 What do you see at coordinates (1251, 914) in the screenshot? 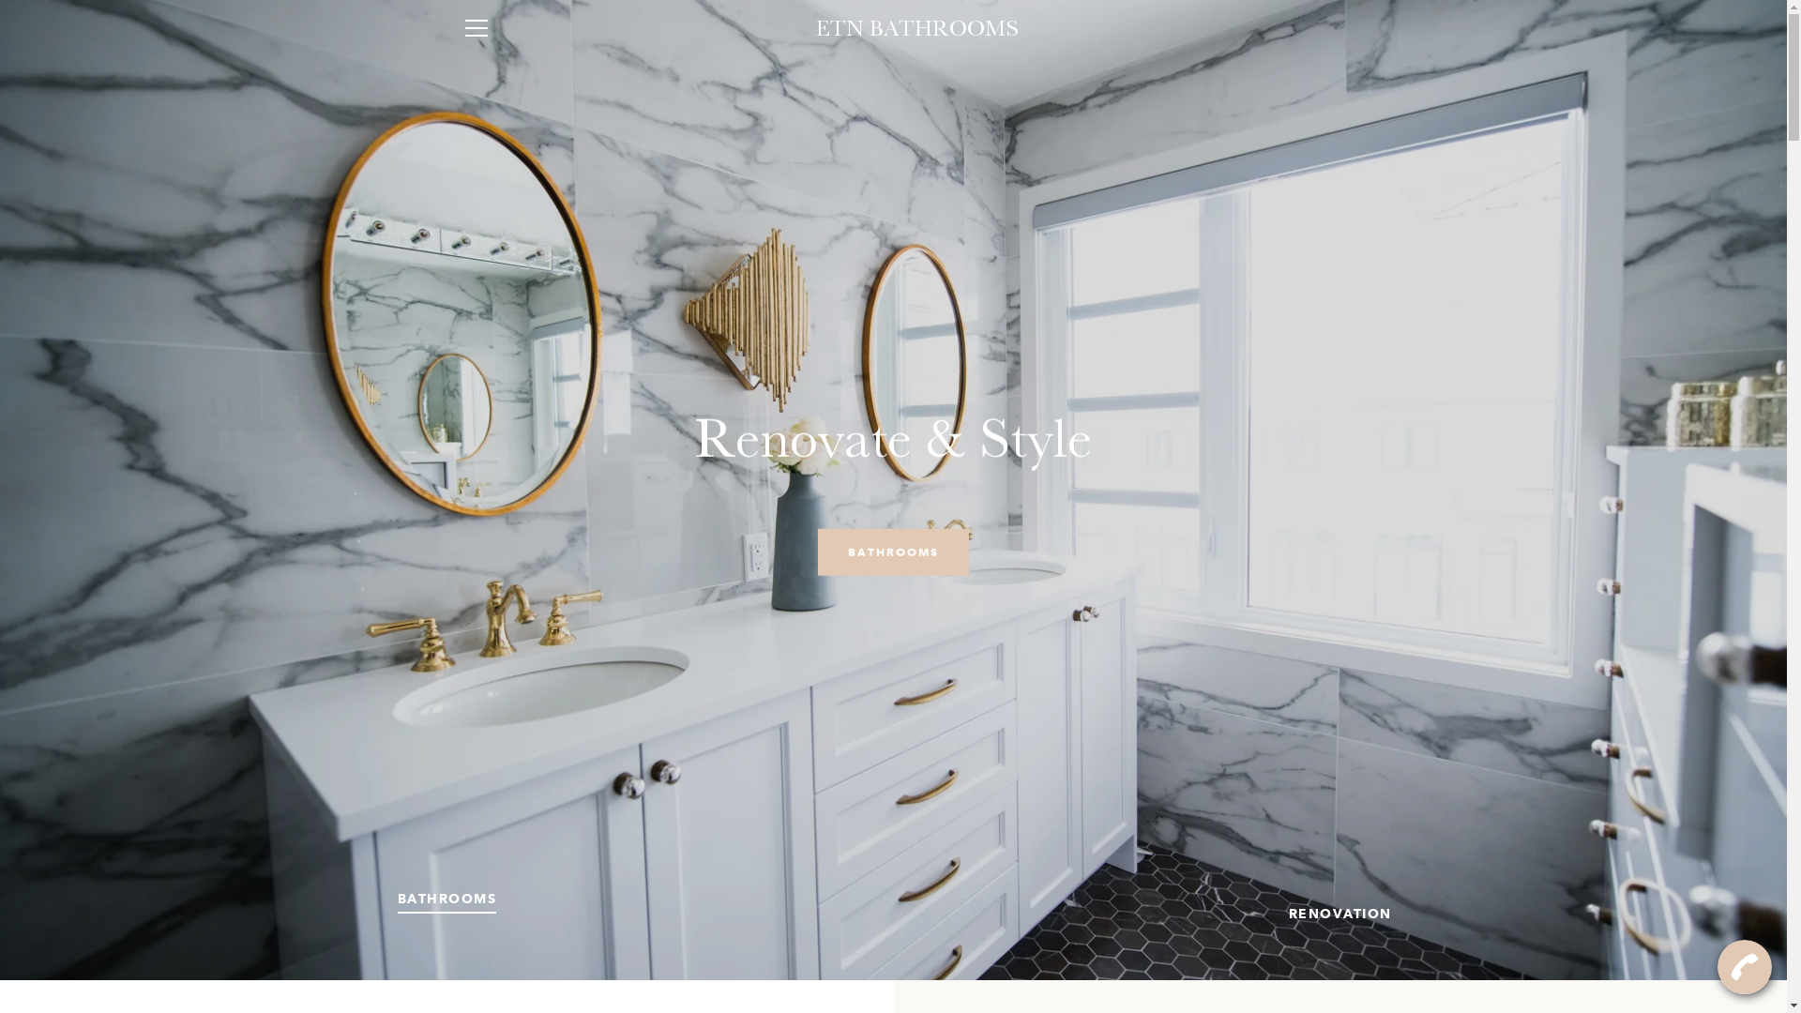
I see `'SLIDE 2` at bounding box center [1251, 914].